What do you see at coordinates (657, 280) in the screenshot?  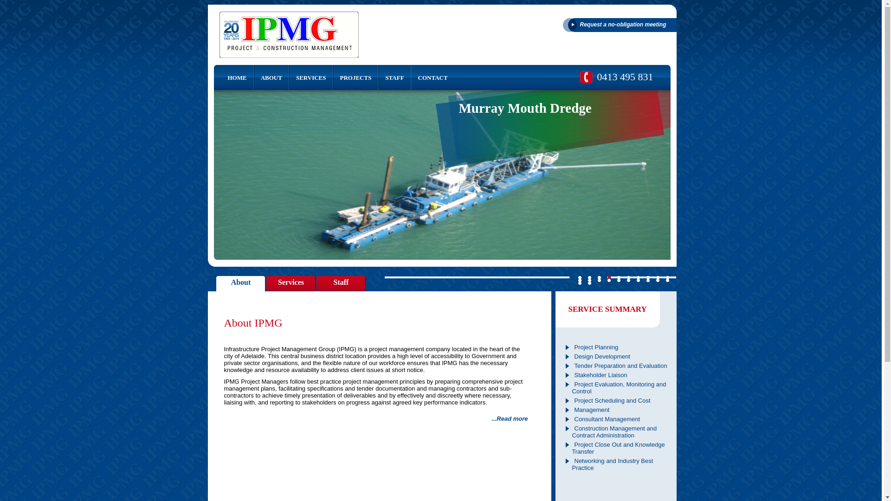 I see `'19'` at bounding box center [657, 280].